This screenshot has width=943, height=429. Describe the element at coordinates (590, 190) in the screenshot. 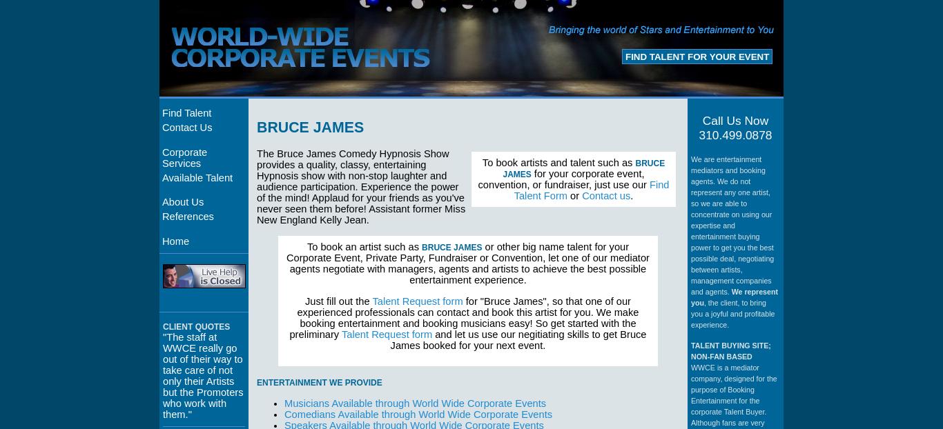

I see `'Find Talent Form'` at that location.